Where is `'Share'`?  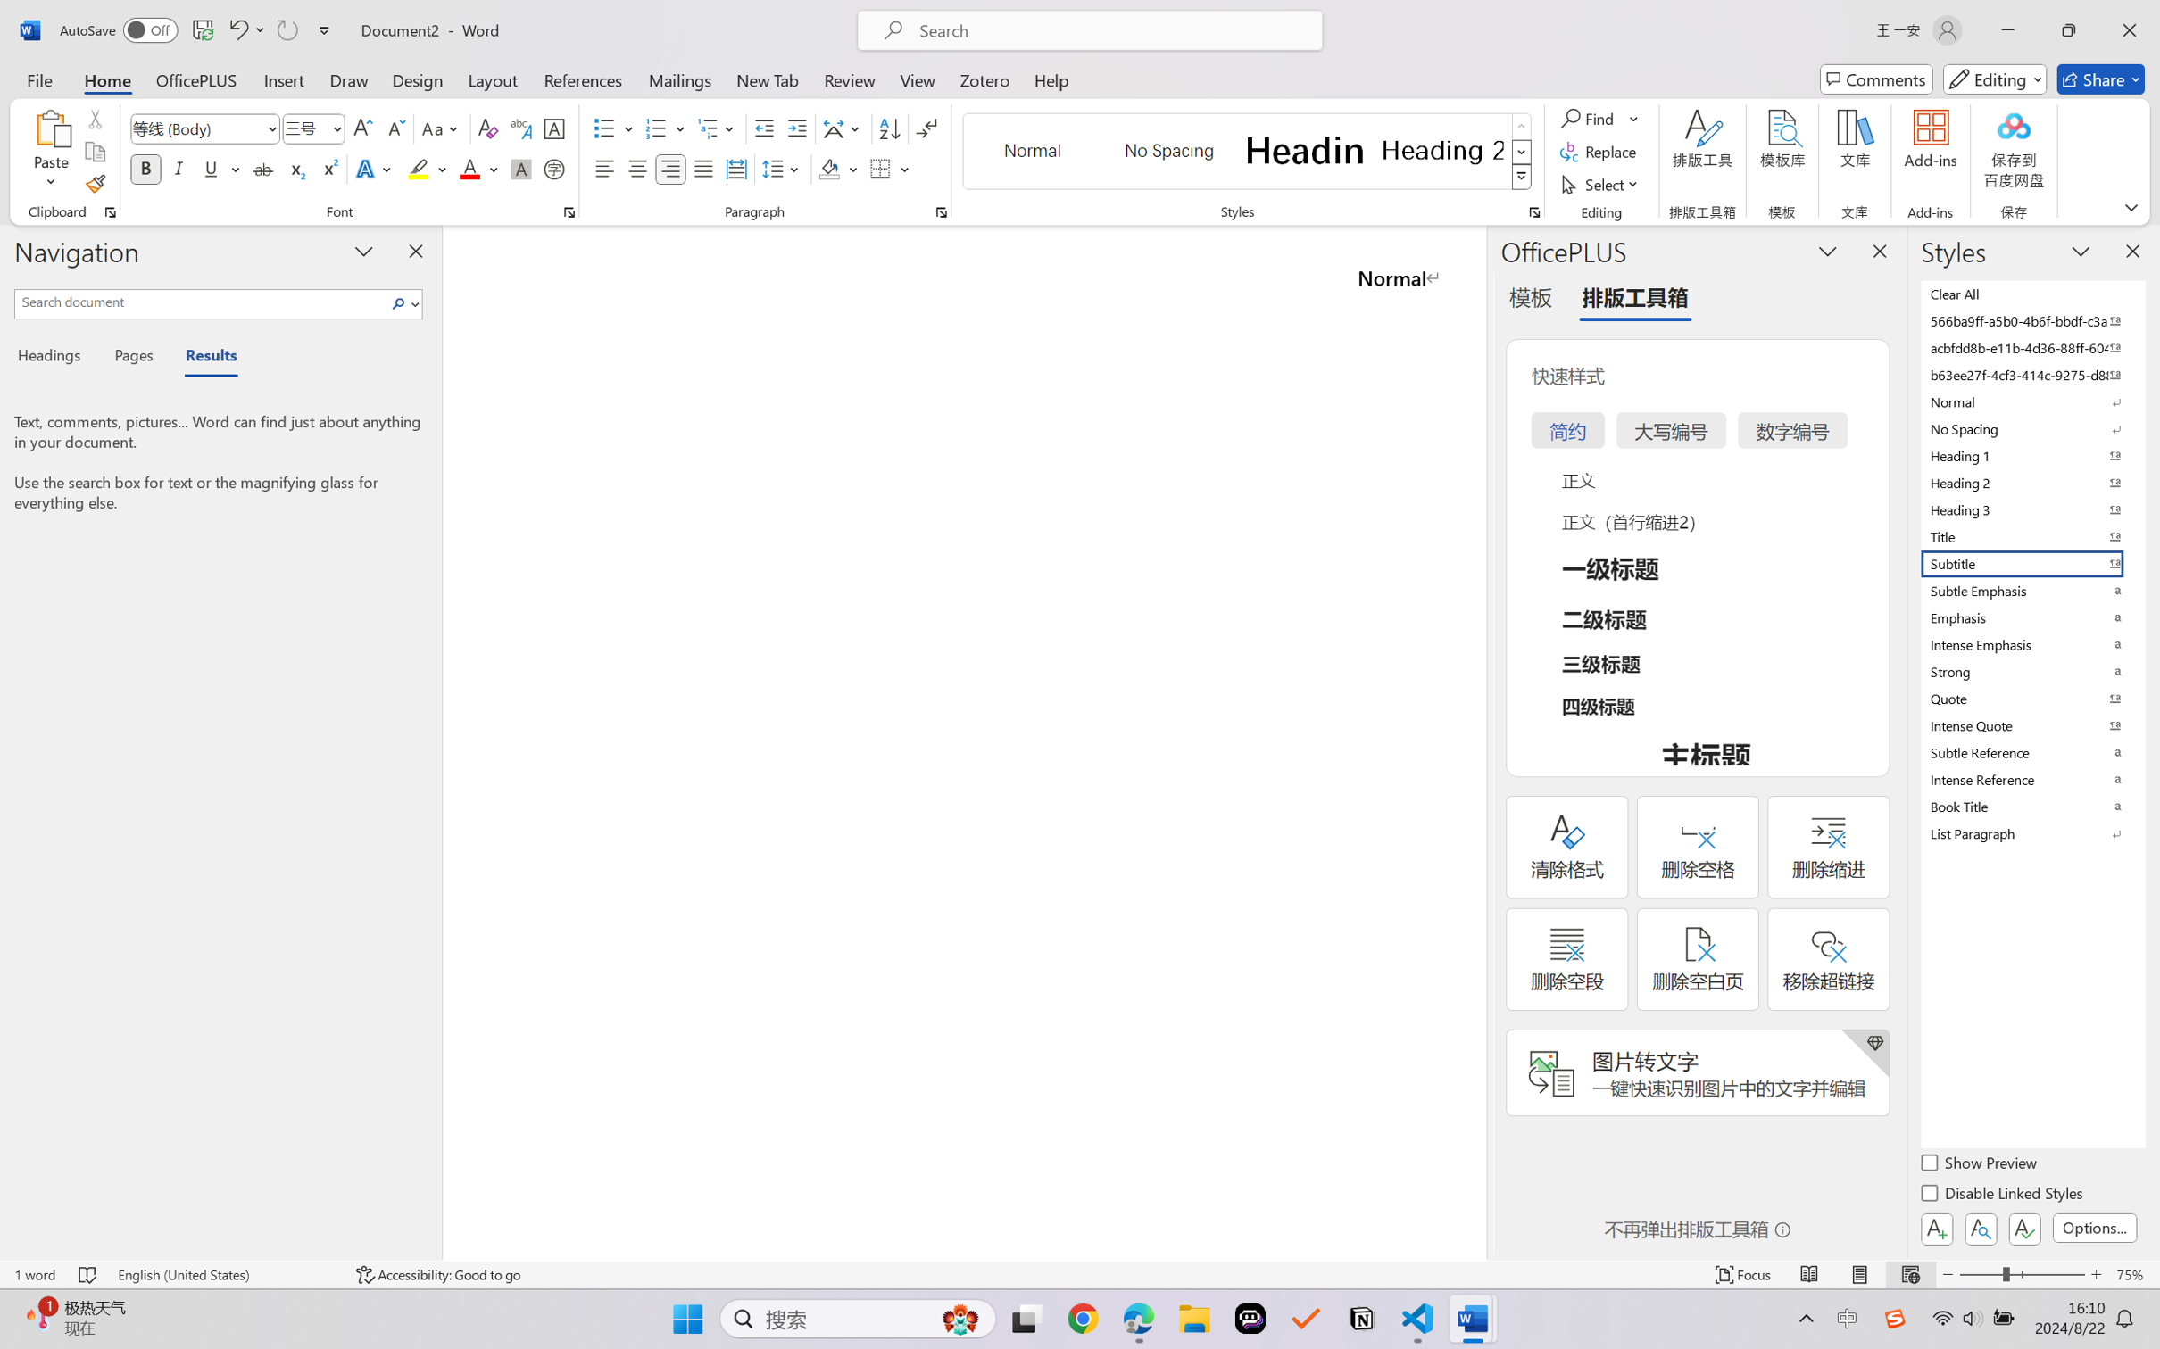 'Share' is located at coordinates (2099, 79).